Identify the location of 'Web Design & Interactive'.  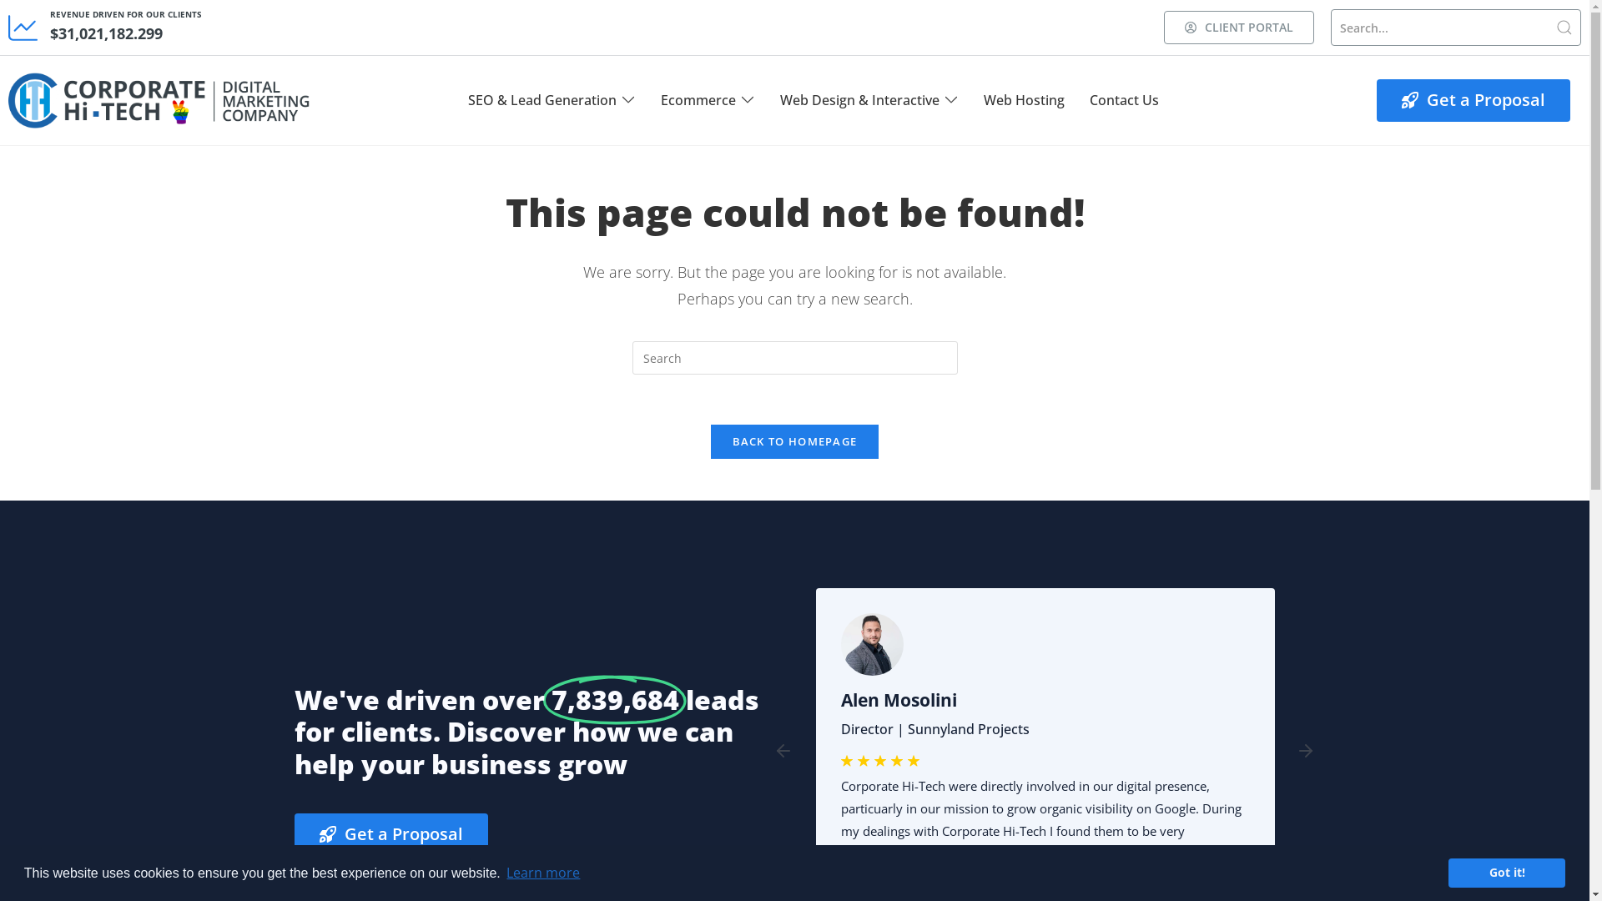
(859, 100).